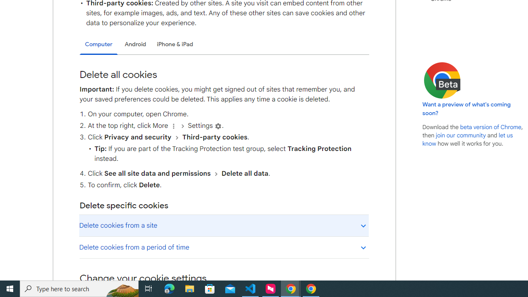  I want to click on 'Settings', so click(218, 126).